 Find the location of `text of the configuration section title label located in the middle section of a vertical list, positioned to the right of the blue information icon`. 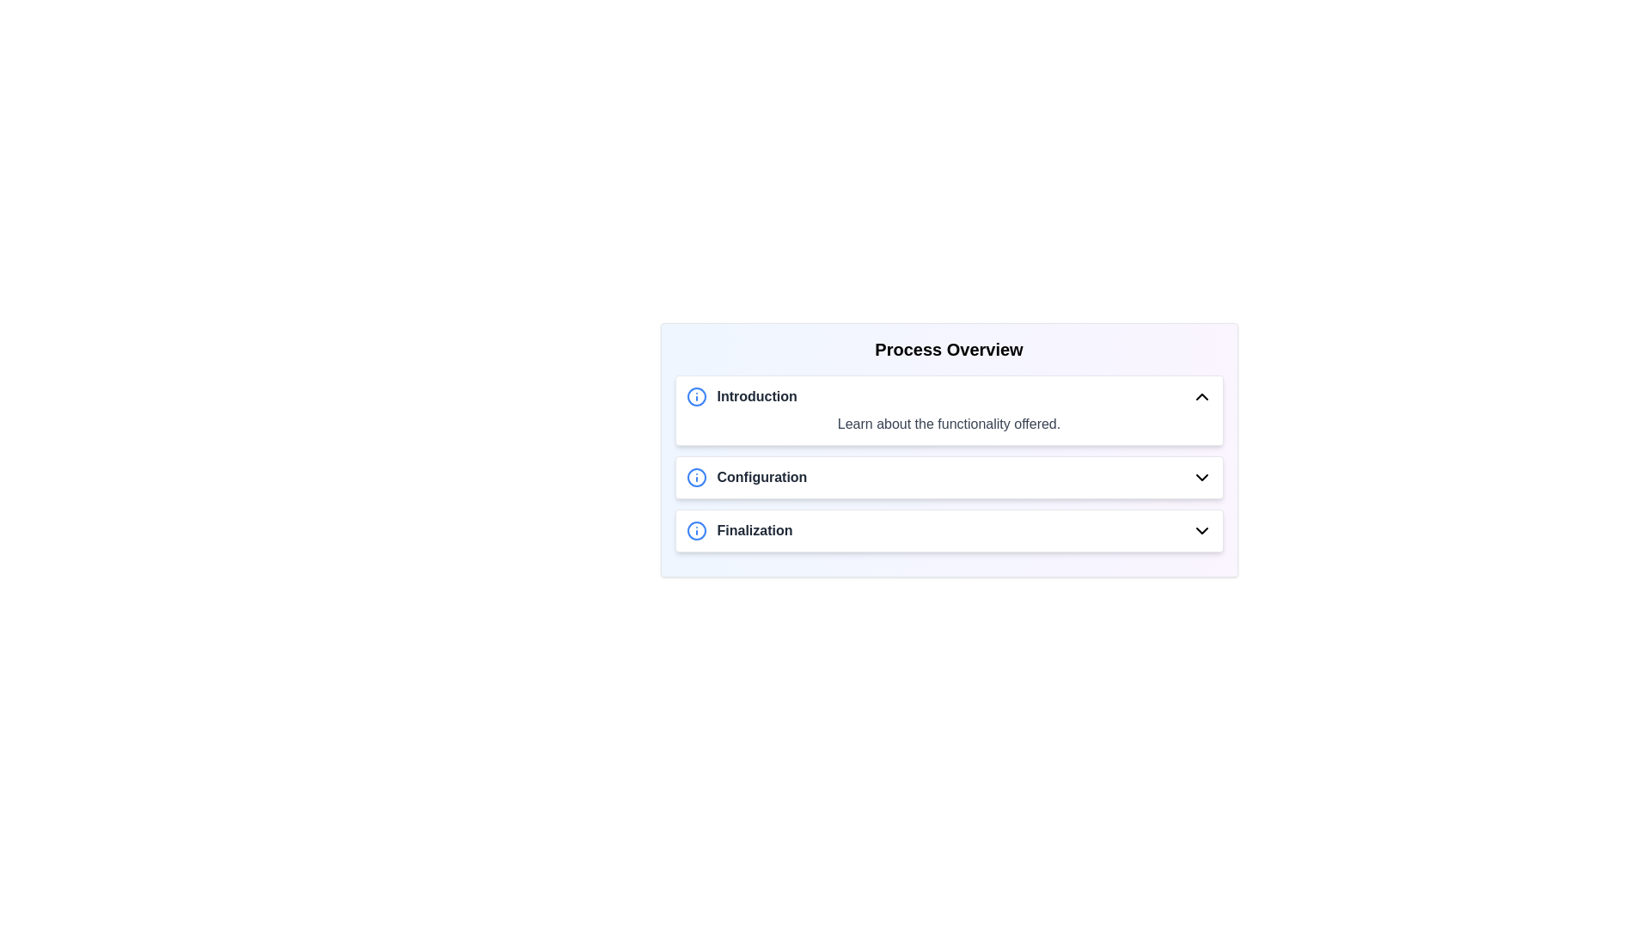

text of the configuration section title label located in the middle section of a vertical list, positioned to the right of the blue information icon is located at coordinates (746, 477).